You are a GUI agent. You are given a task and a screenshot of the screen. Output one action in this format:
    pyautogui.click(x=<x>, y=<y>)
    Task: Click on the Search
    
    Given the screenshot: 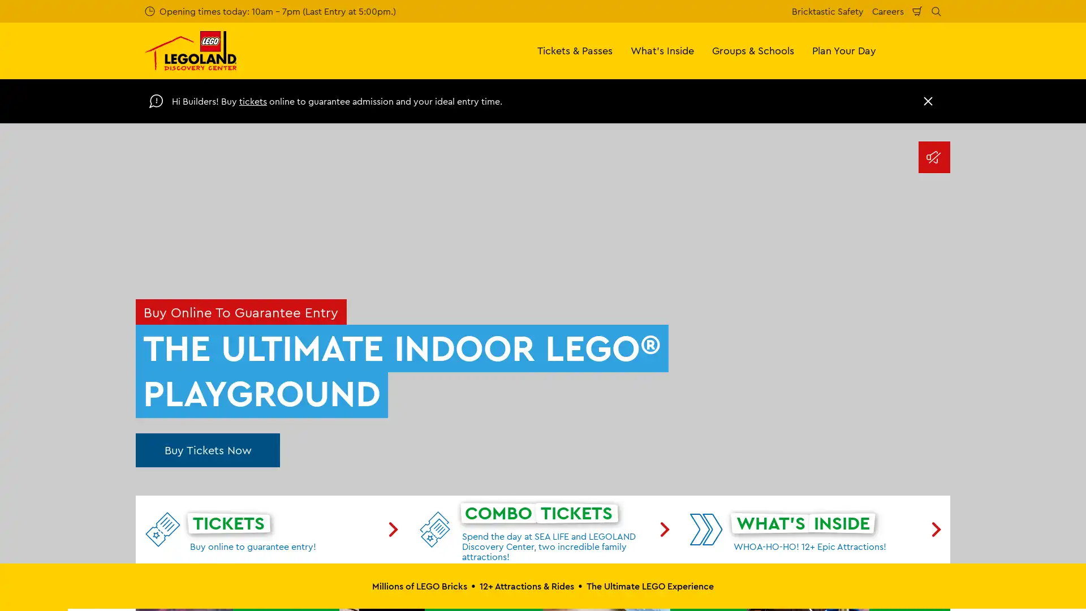 What is the action you would take?
    pyautogui.click(x=936, y=11)
    